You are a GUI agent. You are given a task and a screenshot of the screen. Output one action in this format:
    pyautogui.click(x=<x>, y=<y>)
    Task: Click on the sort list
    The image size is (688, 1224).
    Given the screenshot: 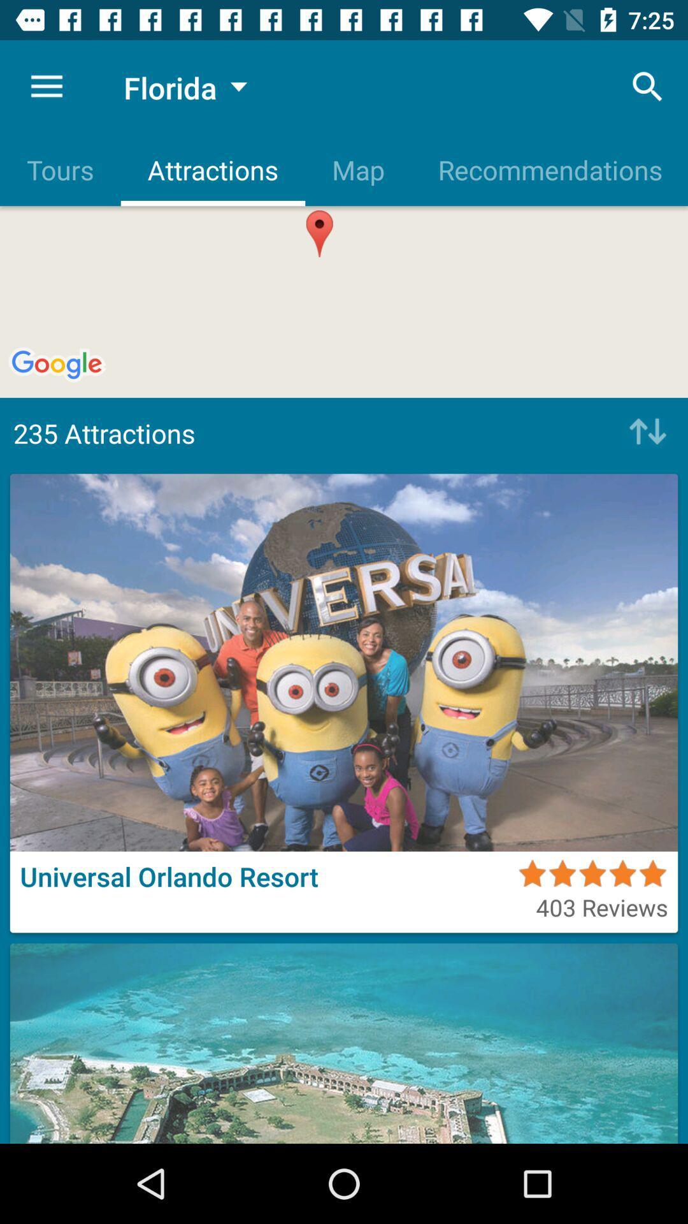 What is the action you would take?
    pyautogui.click(x=644, y=433)
    